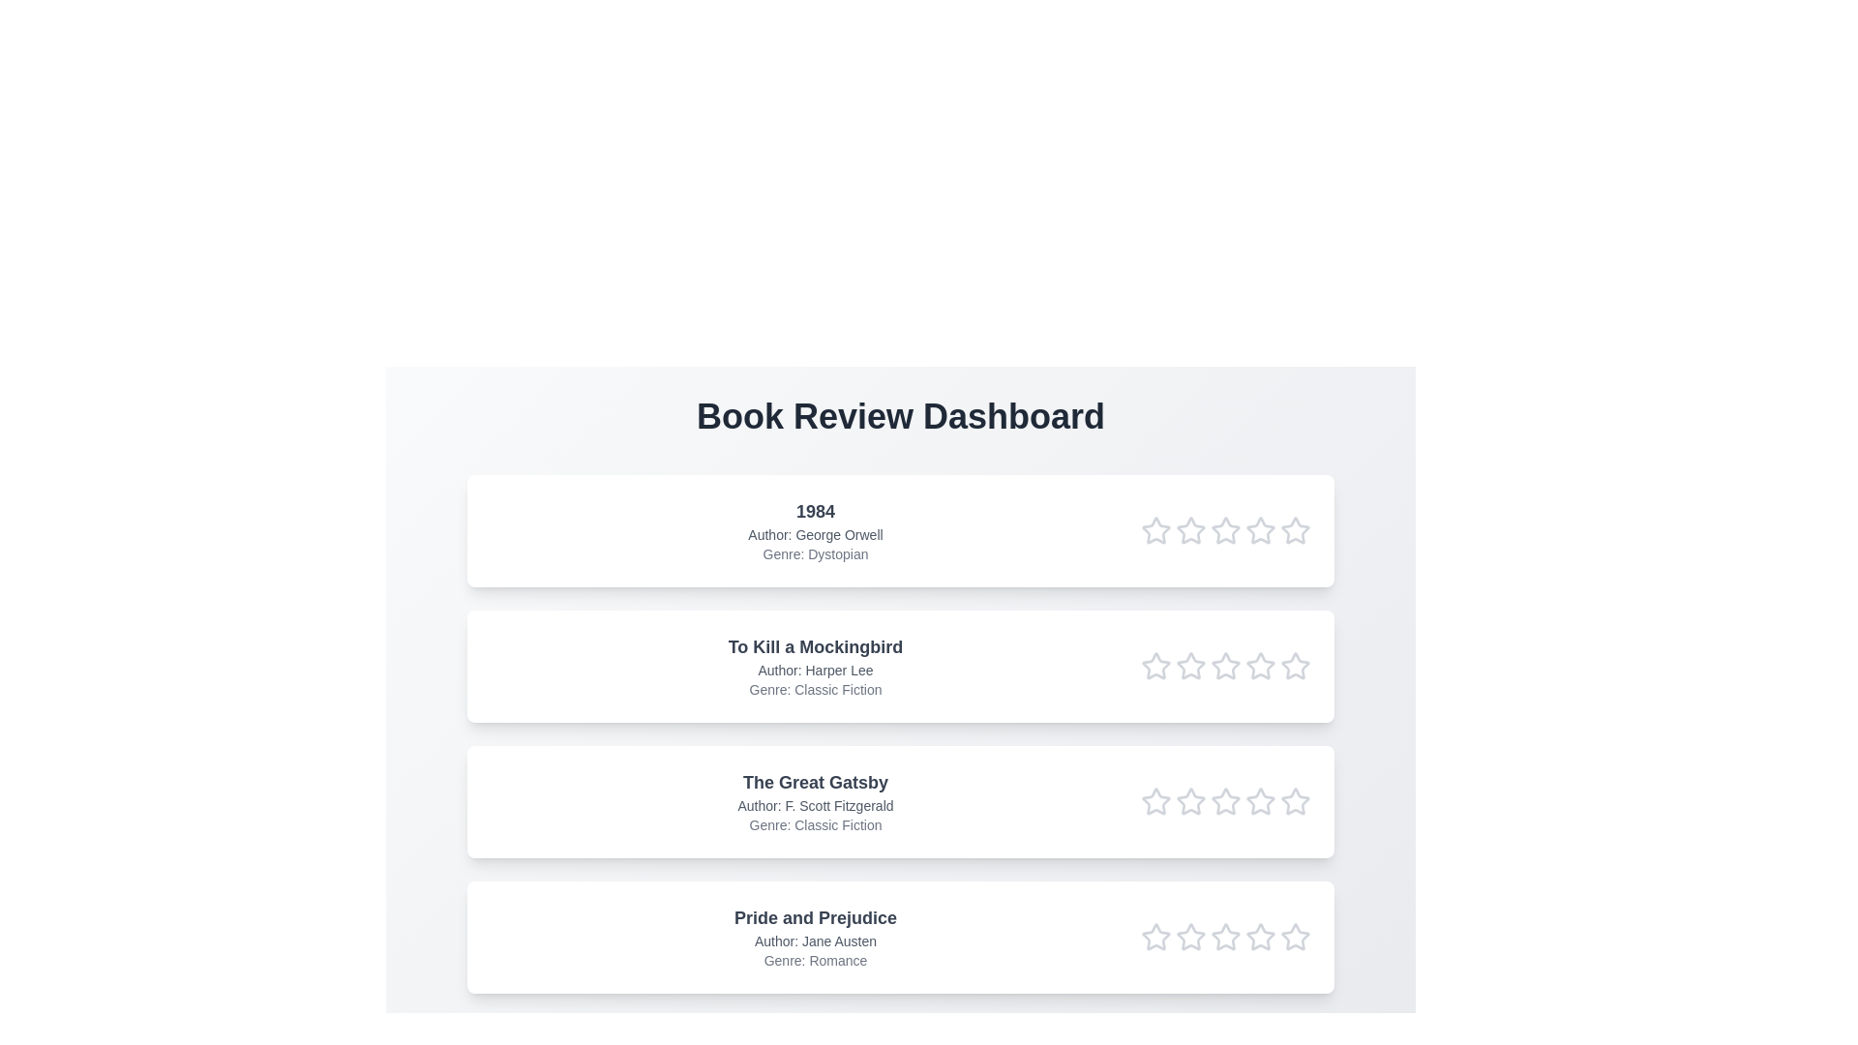  What do you see at coordinates (1260, 802) in the screenshot?
I see `the rating of the book 'The Great Gatsby' to 4 stars by clicking on the respective star` at bounding box center [1260, 802].